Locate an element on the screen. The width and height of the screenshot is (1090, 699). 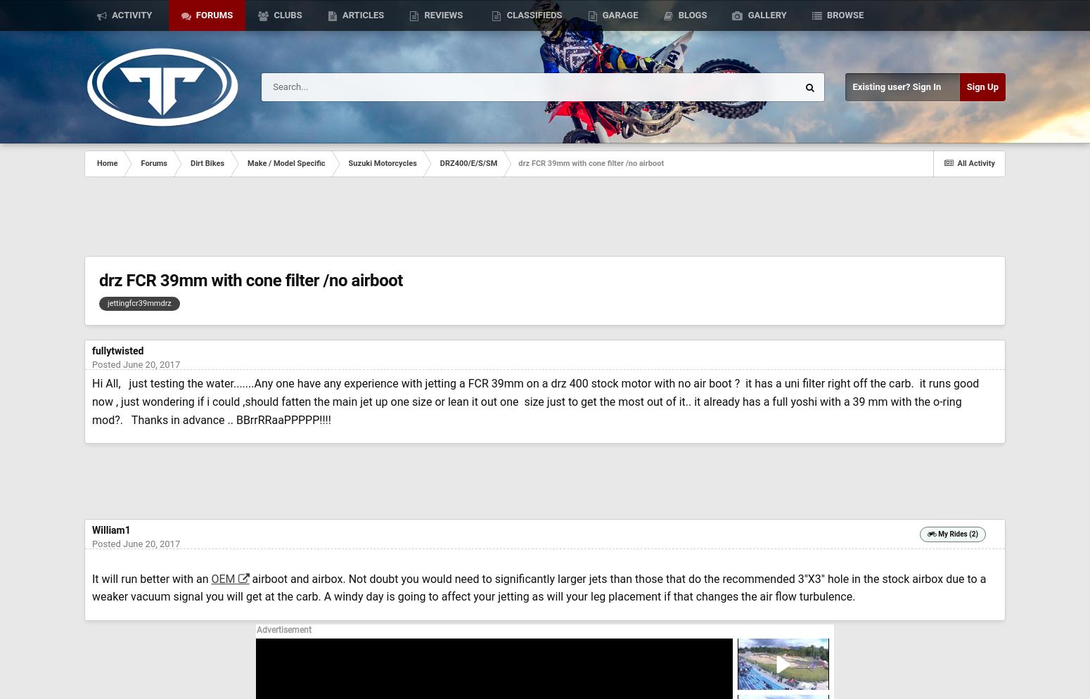
'airboot and airbox. Not doubt you would need to significantly larger jets than those that do the recommended 3"X3" hole in the stock airbox due to a weaker vacuum signal you will get at the carb. A windy day is going to affect your jetting as will your leg placement if that changes the air flow turbulence.' is located at coordinates (91, 586).